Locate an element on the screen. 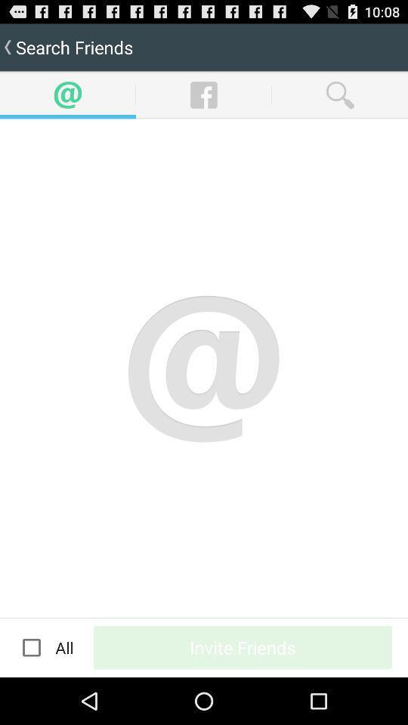  the invite friends item is located at coordinates (243, 646).